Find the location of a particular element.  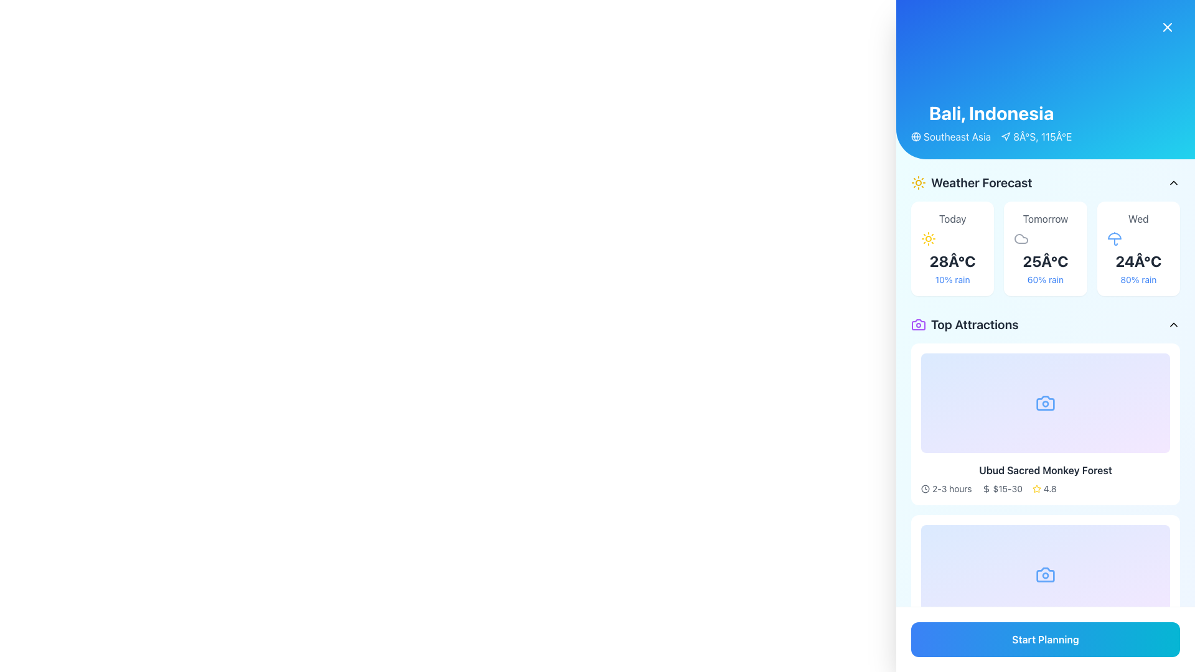

the navigational icon located in the header section adjacent to the 'Bali, Indonesia' label is located at coordinates (1006, 136).